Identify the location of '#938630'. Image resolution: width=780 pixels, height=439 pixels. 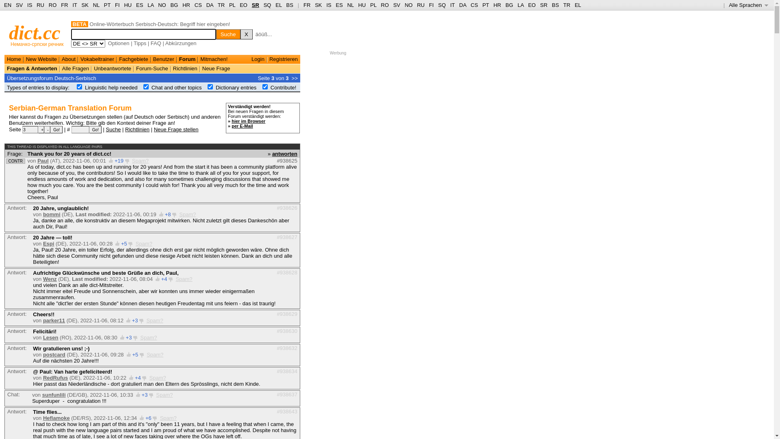
(287, 330).